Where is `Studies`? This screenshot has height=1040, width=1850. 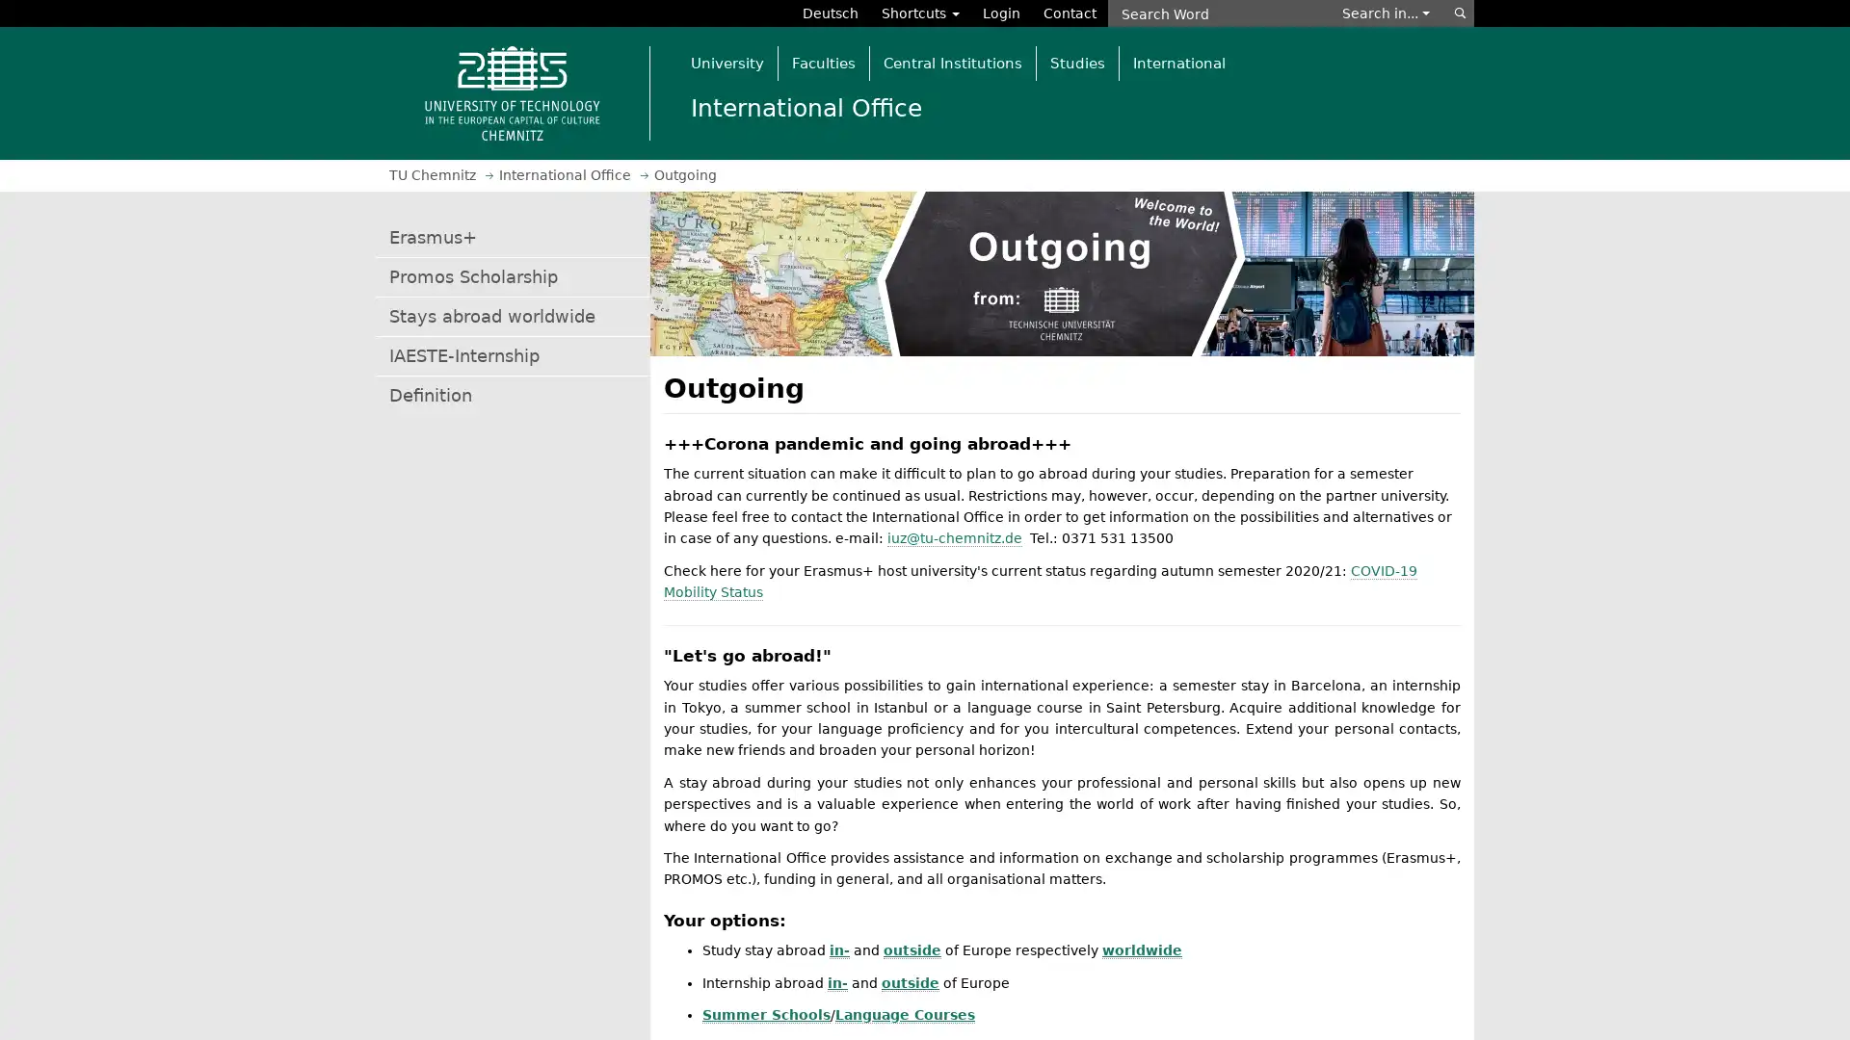
Studies is located at coordinates (1076, 62).